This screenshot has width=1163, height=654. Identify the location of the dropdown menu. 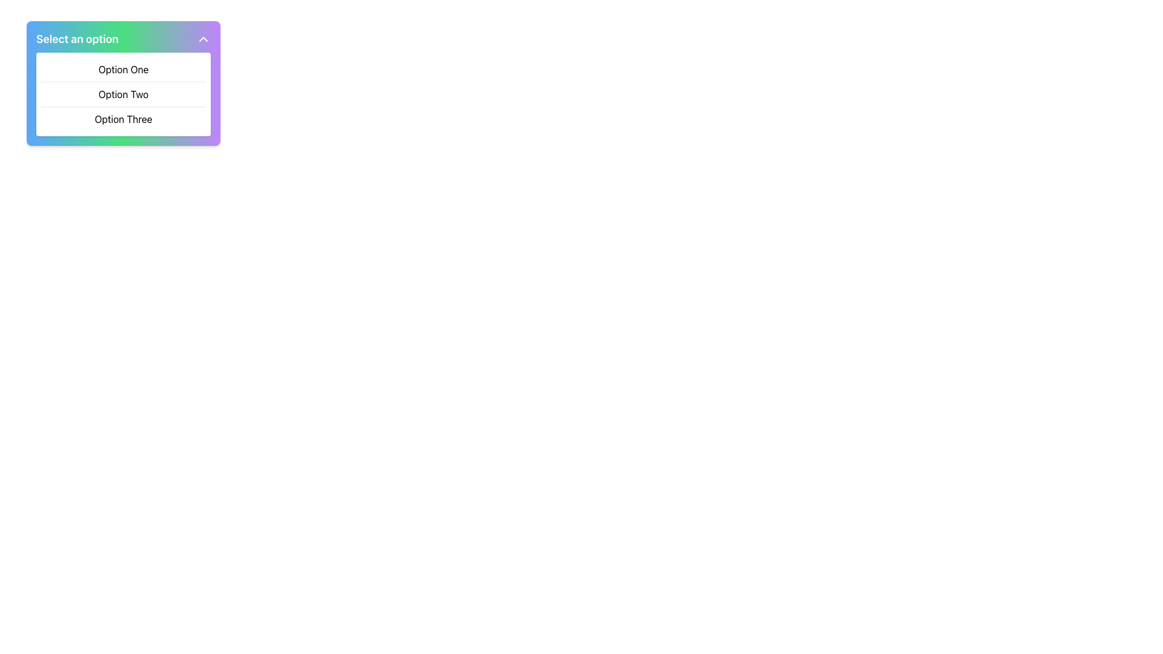
(123, 93).